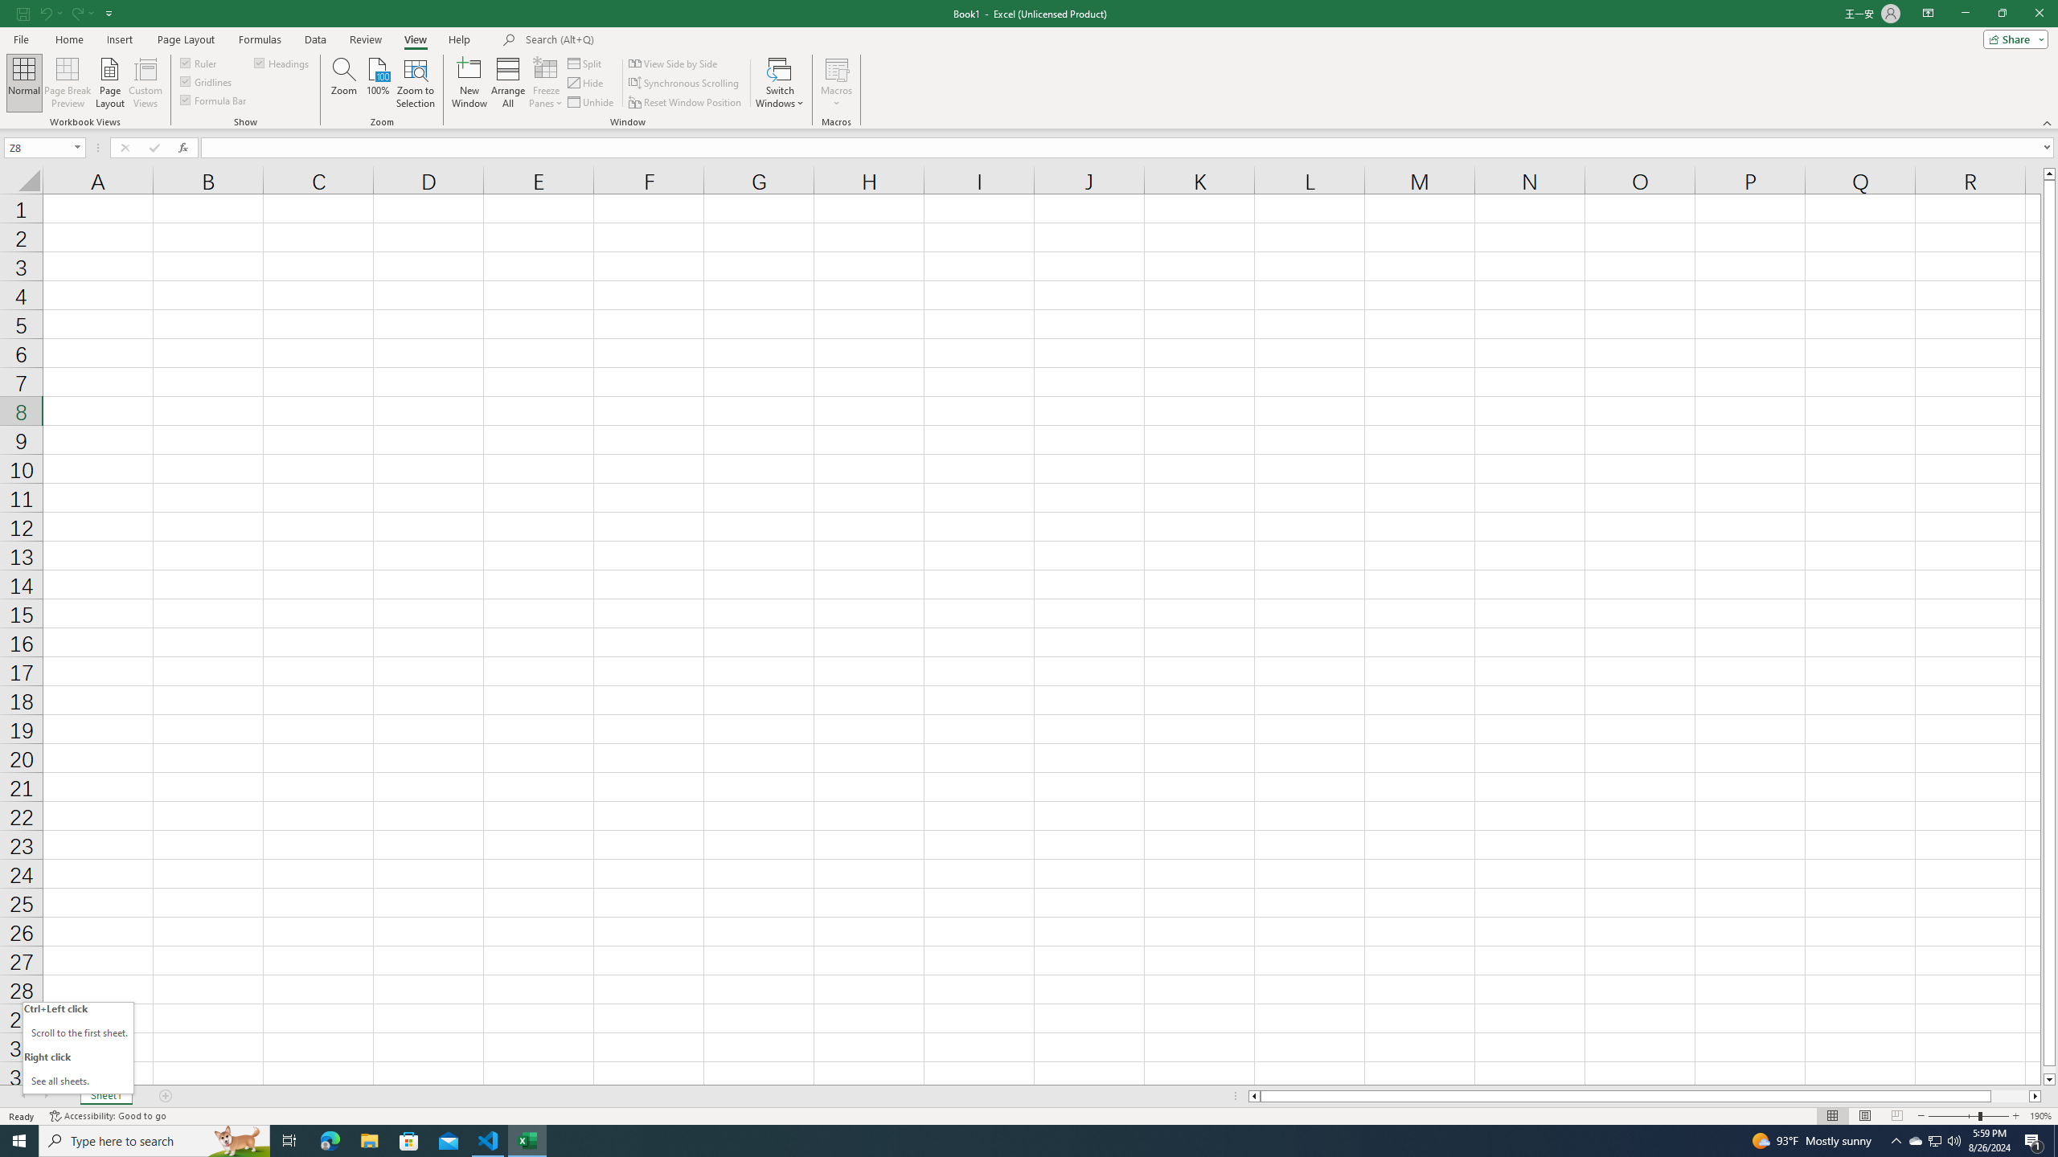  I want to click on 'Hide', so click(586, 83).